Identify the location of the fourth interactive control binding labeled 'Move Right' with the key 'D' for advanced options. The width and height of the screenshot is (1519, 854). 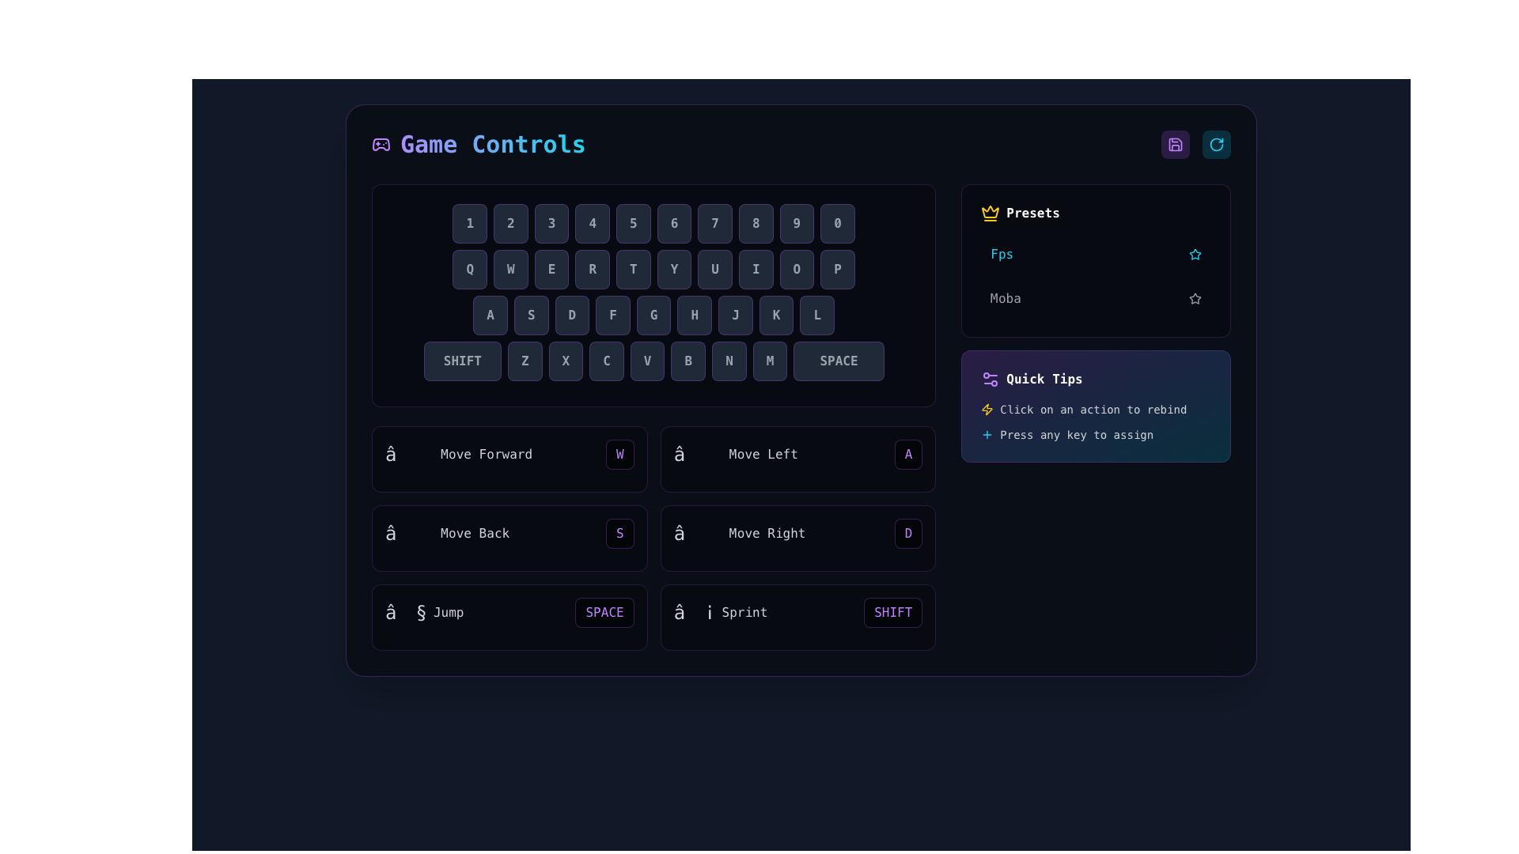
(797, 534).